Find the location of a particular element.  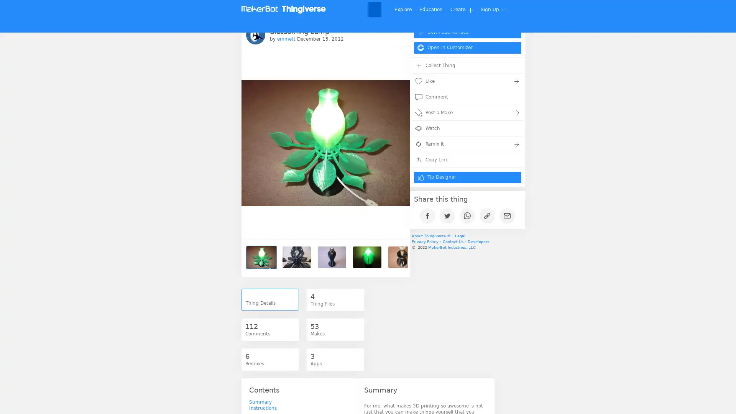

slide item 4 is located at coordinates (367, 257).